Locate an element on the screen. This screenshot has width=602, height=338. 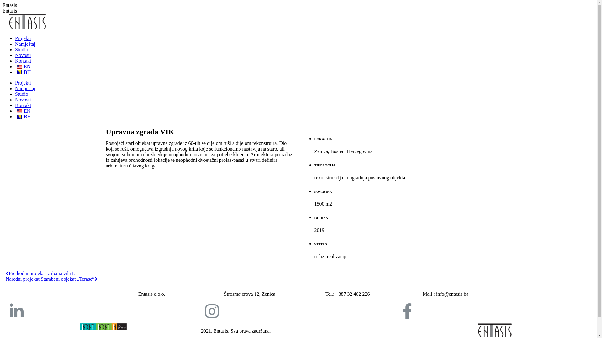
'BH' is located at coordinates (23, 116).